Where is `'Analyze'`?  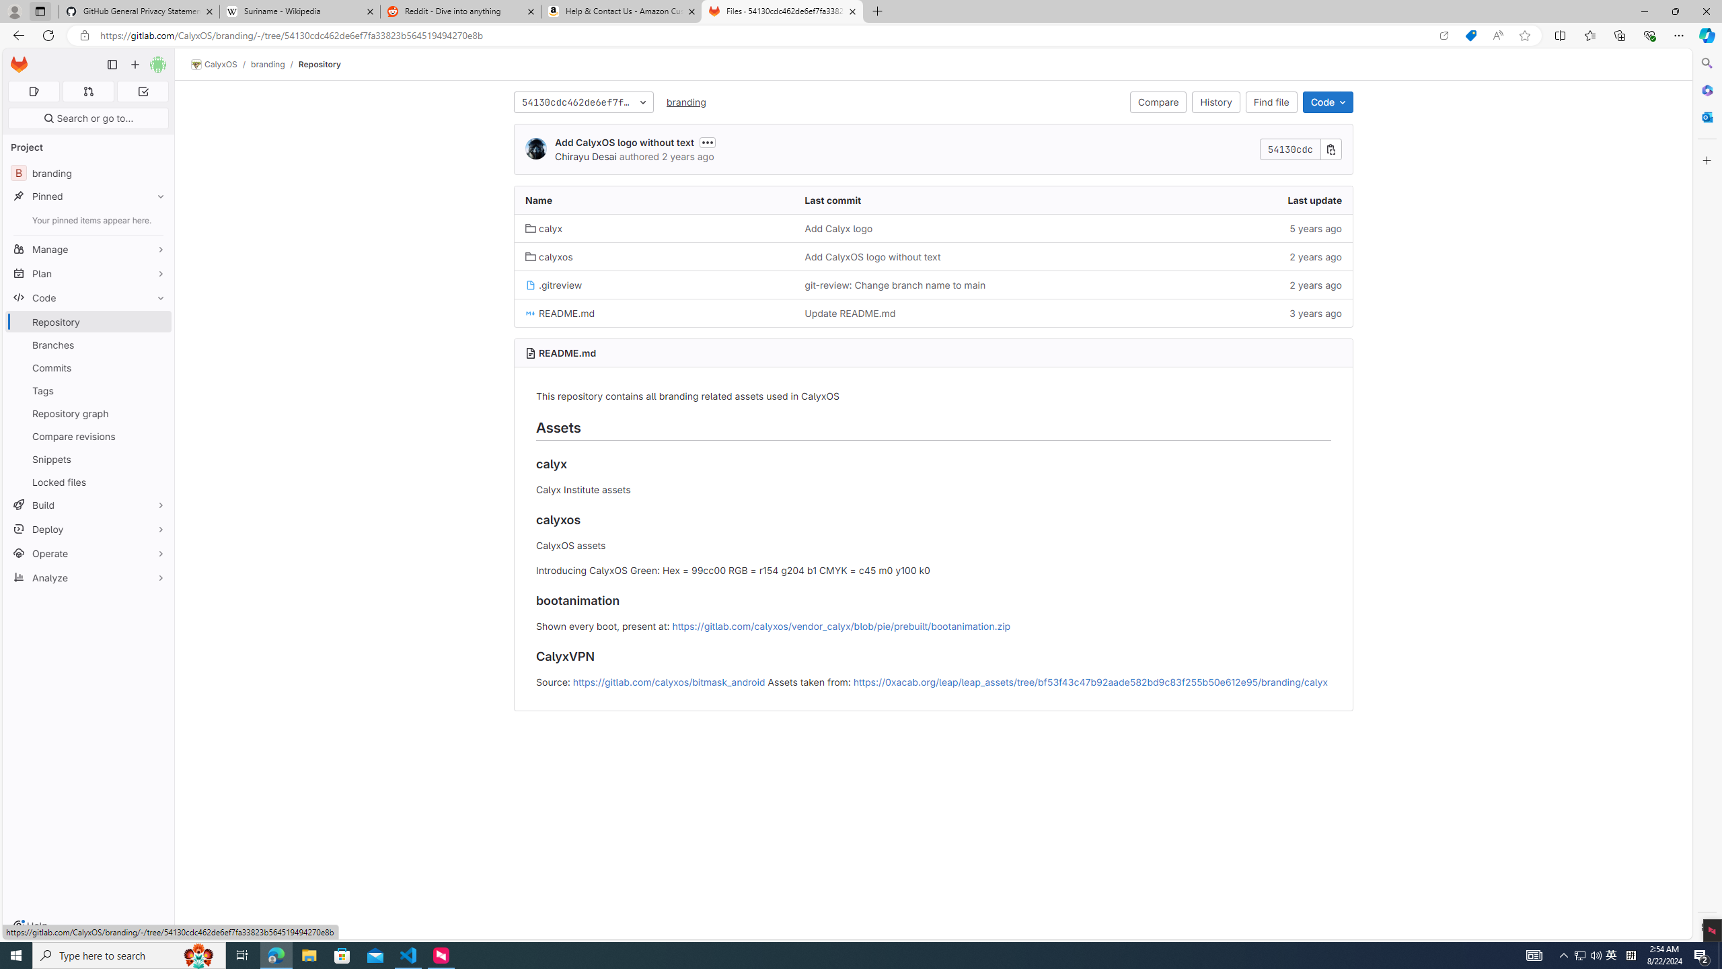 'Analyze' is located at coordinates (87, 577).